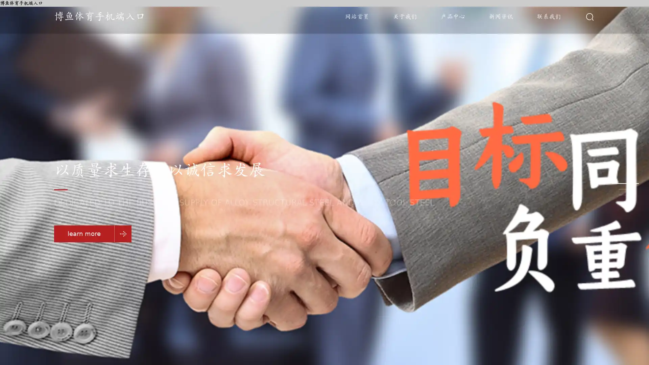  What do you see at coordinates (625, 189) in the screenshot?
I see `Go to slide 2` at bounding box center [625, 189].